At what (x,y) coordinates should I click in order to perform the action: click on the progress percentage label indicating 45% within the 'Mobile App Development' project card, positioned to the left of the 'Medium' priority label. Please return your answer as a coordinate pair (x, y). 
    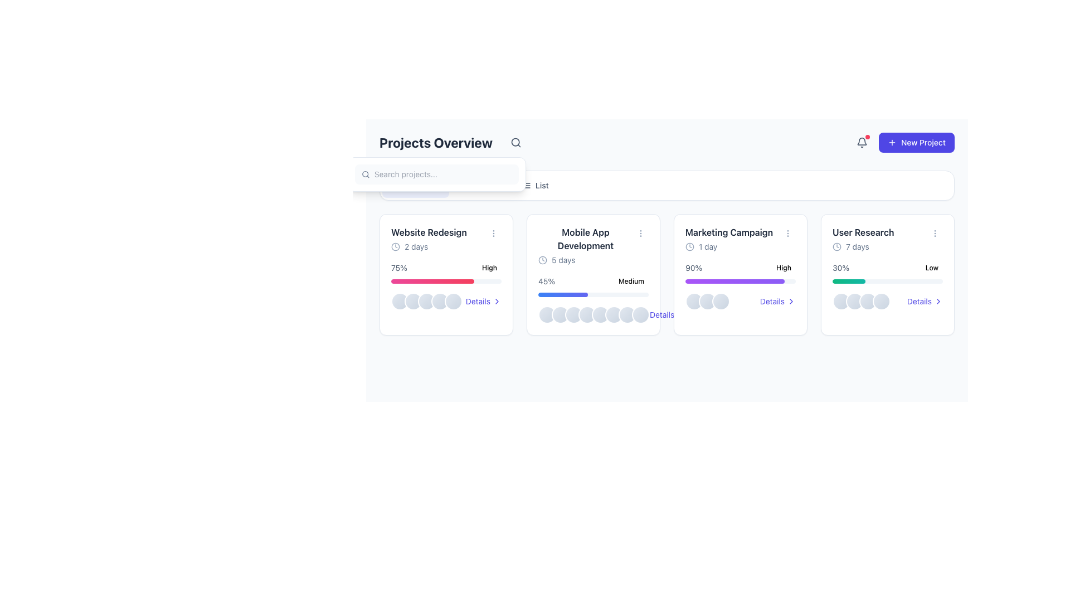
    Looking at the image, I should click on (547, 281).